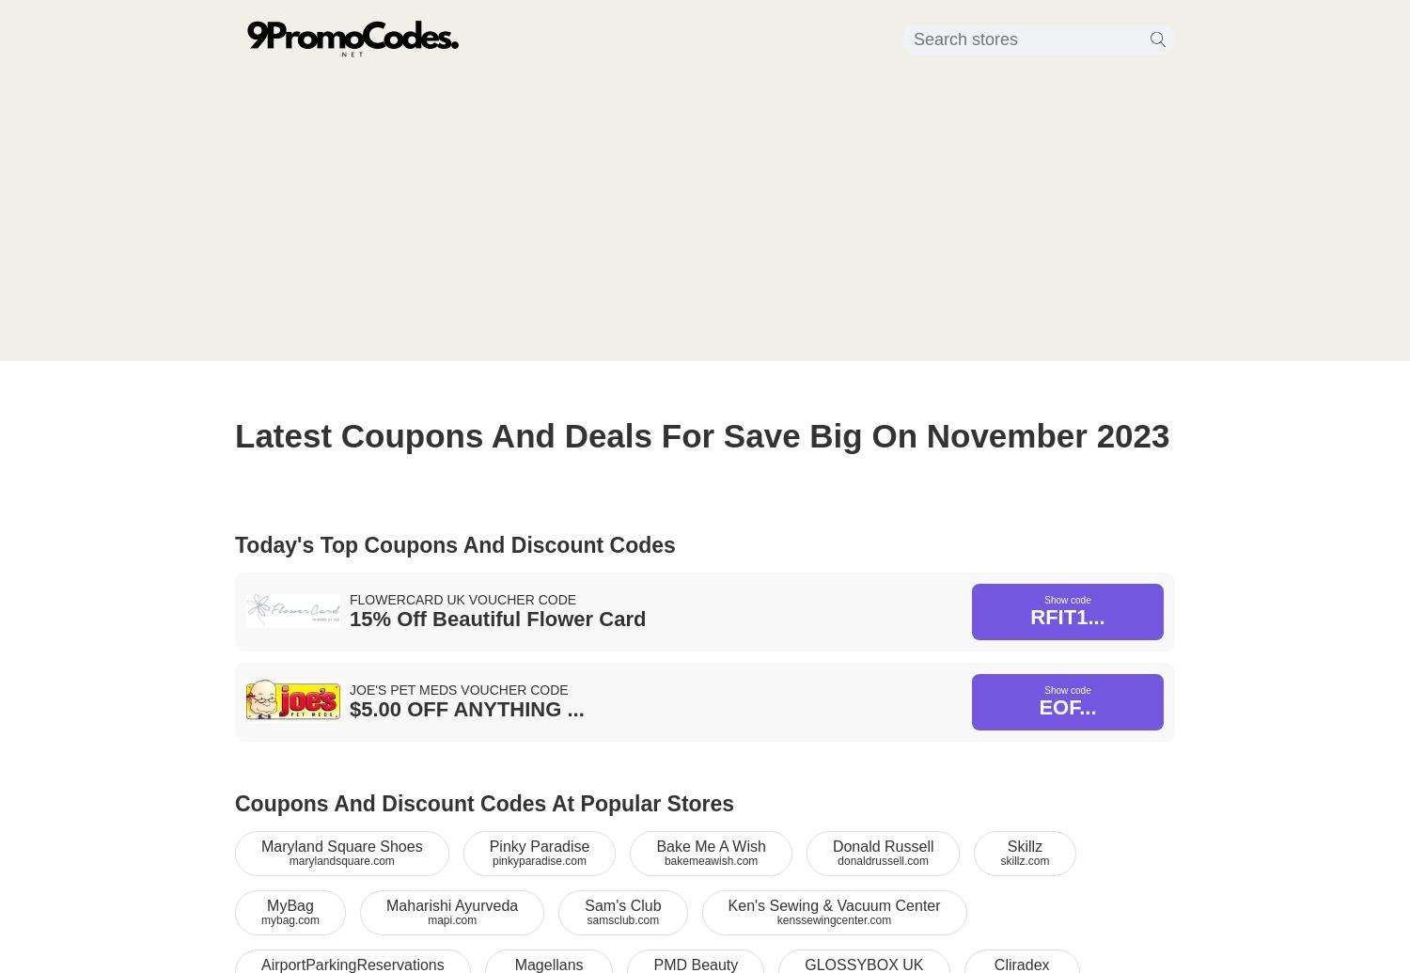 The height and width of the screenshot is (973, 1410). What do you see at coordinates (352, 964) in the screenshot?
I see `'AirportParkingReservations'` at bounding box center [352, 964].